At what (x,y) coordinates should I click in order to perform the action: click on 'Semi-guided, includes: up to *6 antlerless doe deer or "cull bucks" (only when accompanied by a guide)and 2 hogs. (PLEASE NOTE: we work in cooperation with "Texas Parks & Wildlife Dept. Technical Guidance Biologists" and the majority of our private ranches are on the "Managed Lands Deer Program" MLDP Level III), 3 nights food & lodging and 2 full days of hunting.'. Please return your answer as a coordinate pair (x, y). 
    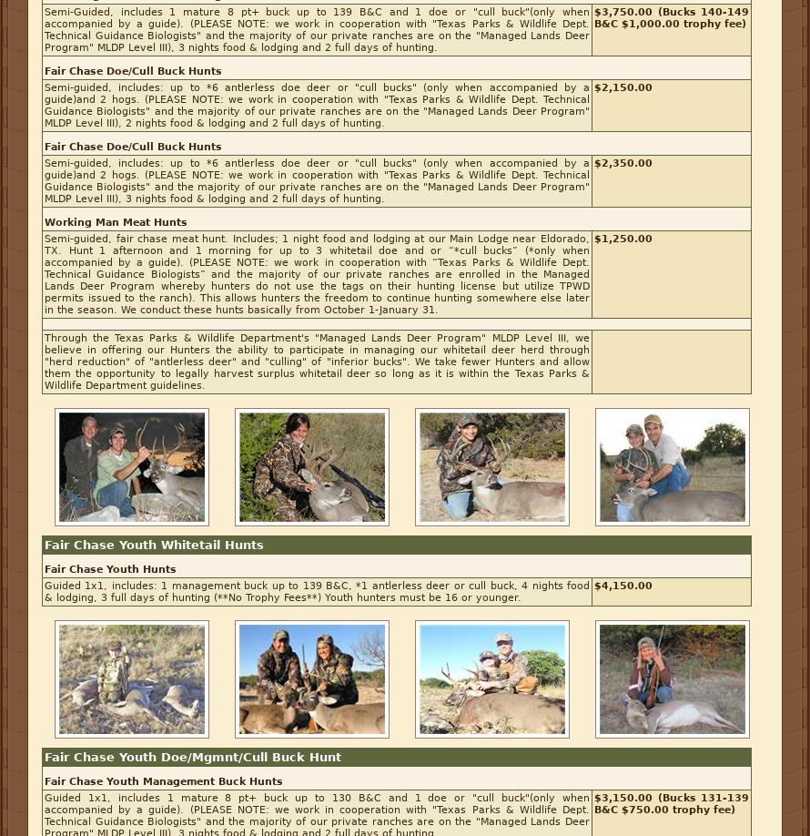
    Looking at the image, I should click on (317, 181).